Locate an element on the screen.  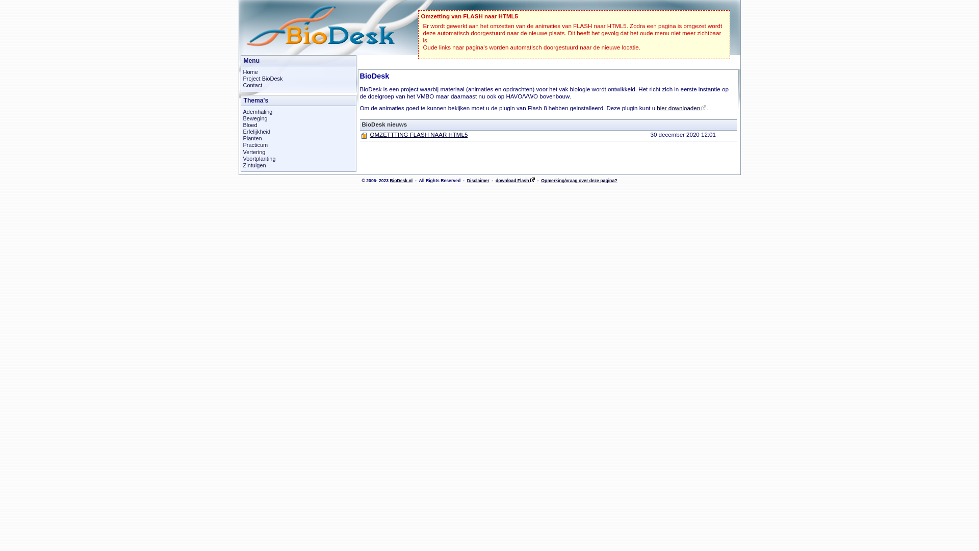
'OMZETTTING FLASH NAAR HTML5' is located at coordinates (419, 134).